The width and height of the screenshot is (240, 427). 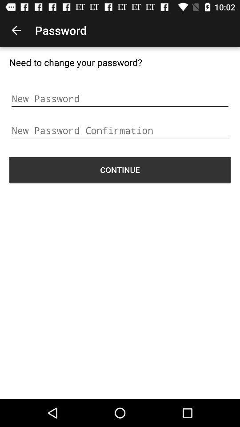 What do you see at coordinates (16, 30) in the screenshot?
I see `item to the left of the password icon` at bounding box center [16, 30].